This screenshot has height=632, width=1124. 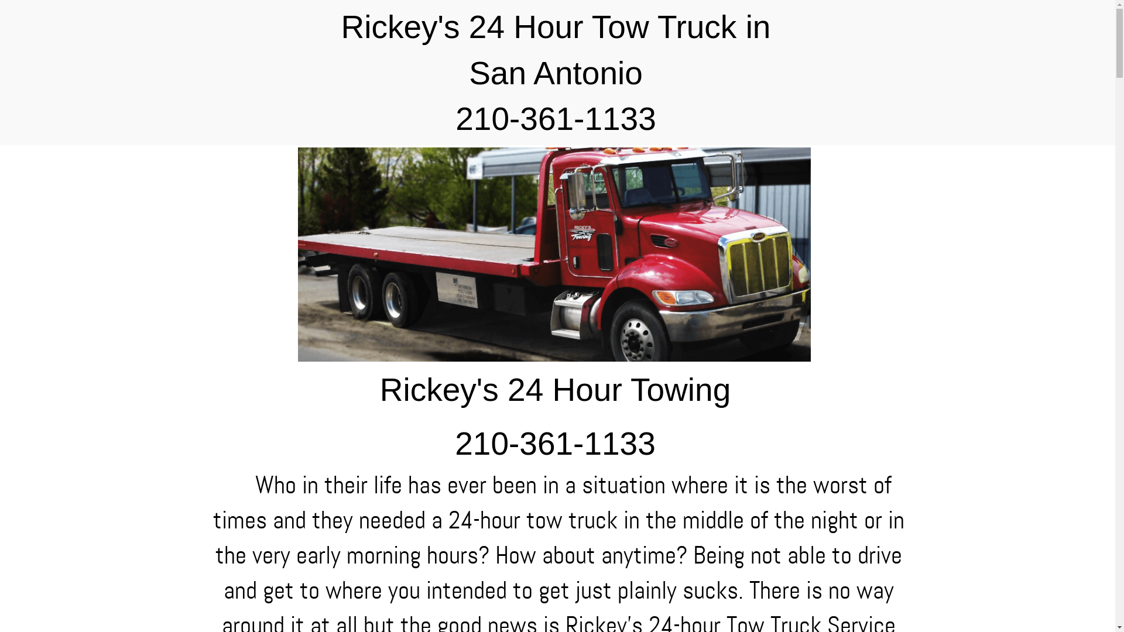 I want to click on '210-361-1133', so click(x=555, y=119).